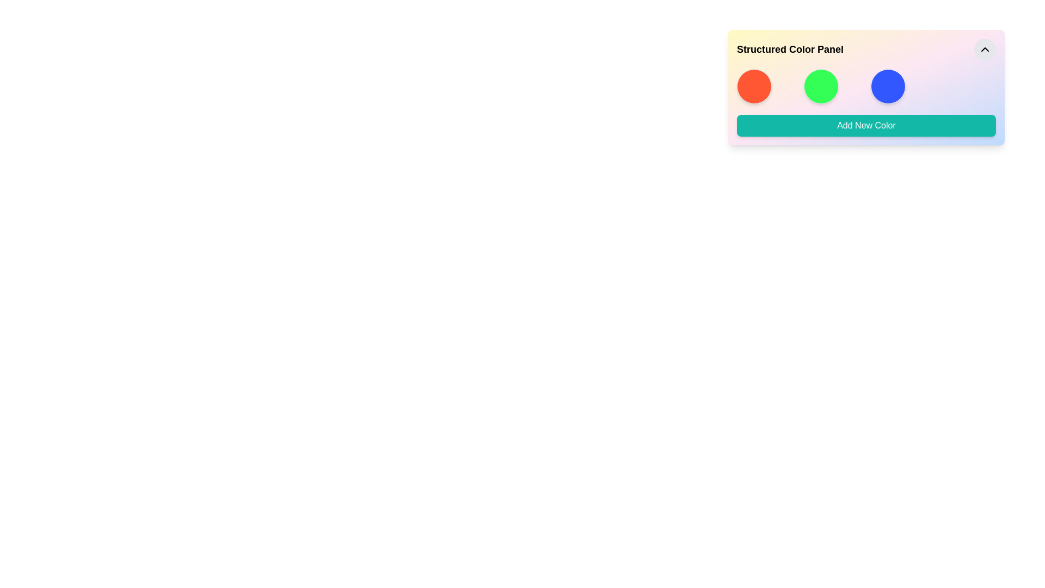 The image size is (1045, 588). What do you see at coordinates (866, 87) in the screenshot?
I see `the third circular color picker (blue) in the Color Picker panel` at bounding box center [866, 87].